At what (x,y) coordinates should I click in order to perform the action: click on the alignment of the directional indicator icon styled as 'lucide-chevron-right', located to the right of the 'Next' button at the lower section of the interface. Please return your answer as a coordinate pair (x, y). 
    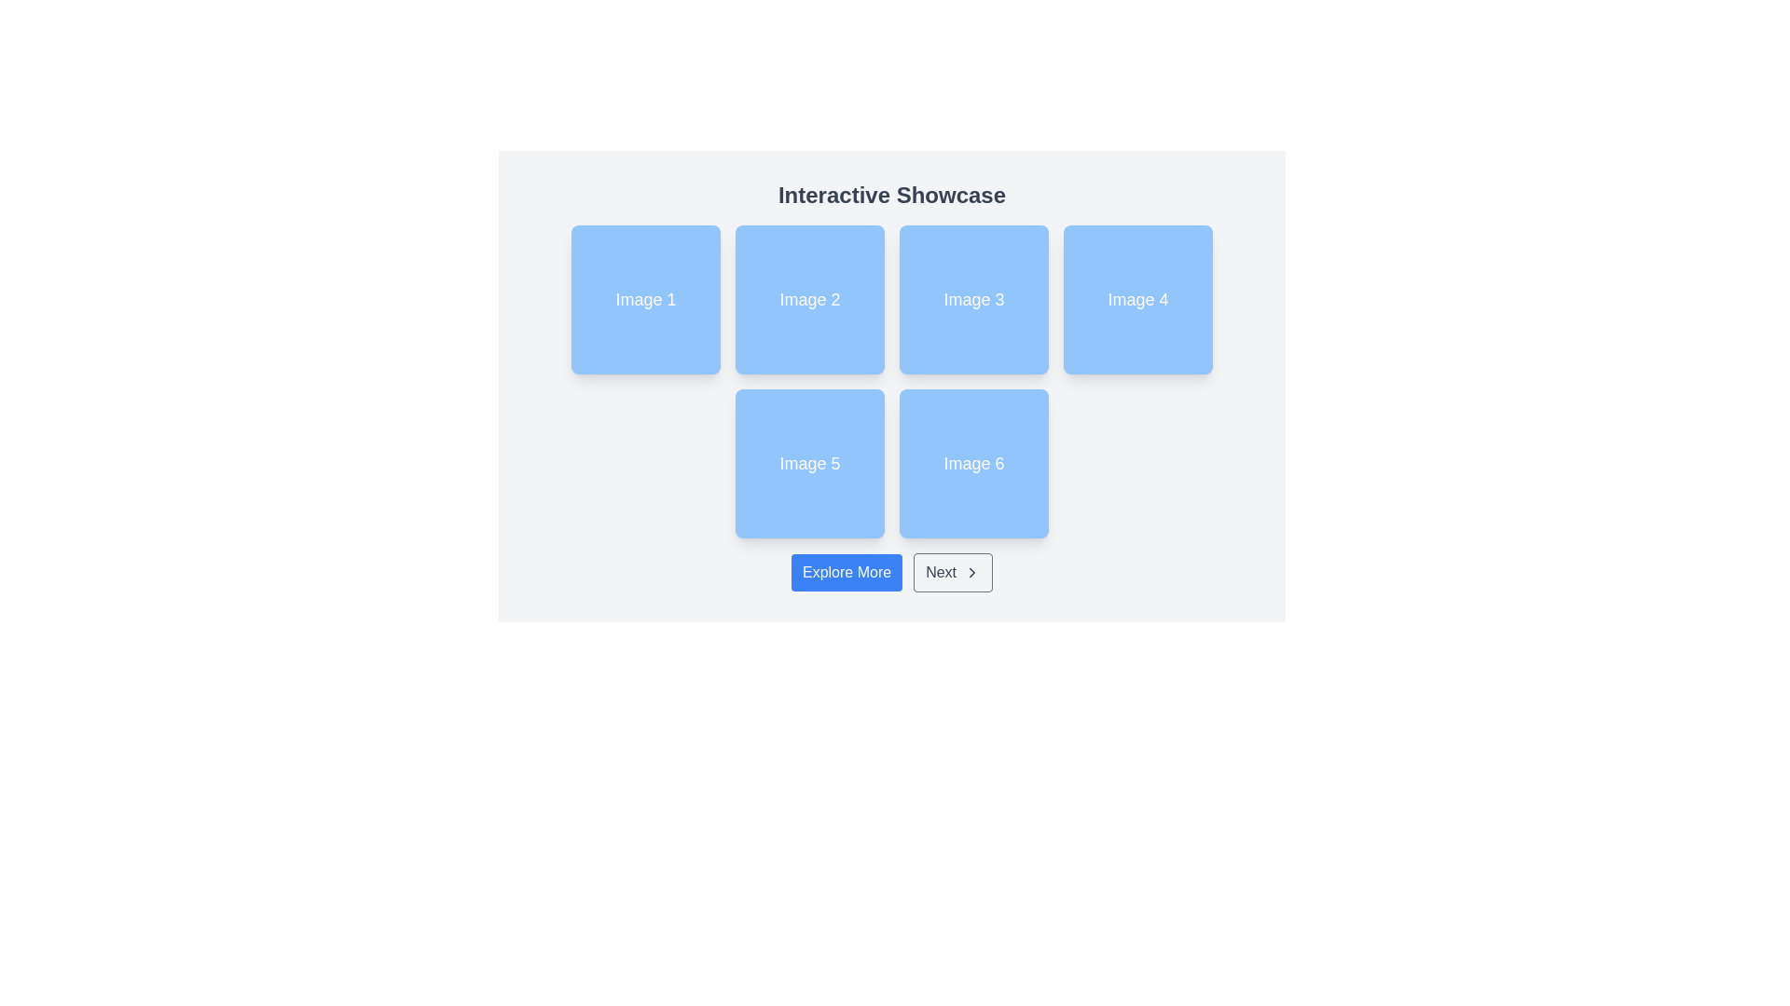
    Looking at the image, I should click on (971, 571).